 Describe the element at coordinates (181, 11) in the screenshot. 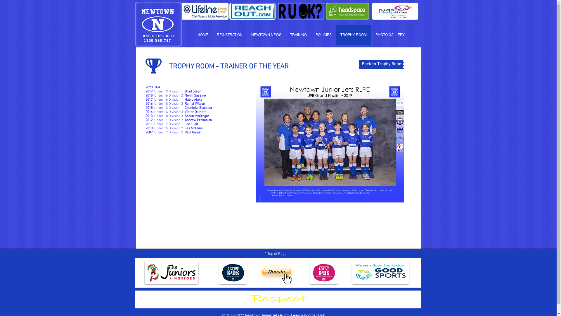

I see `'lifeline-logo.jpg'` at that location.